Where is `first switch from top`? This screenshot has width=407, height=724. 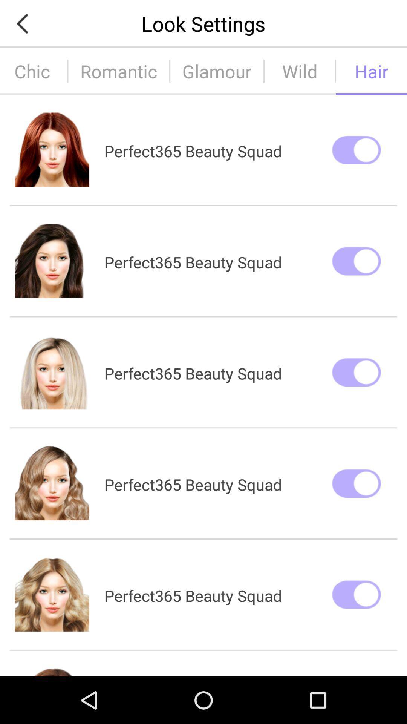 first switch from top is located at coordinates (356, 150).